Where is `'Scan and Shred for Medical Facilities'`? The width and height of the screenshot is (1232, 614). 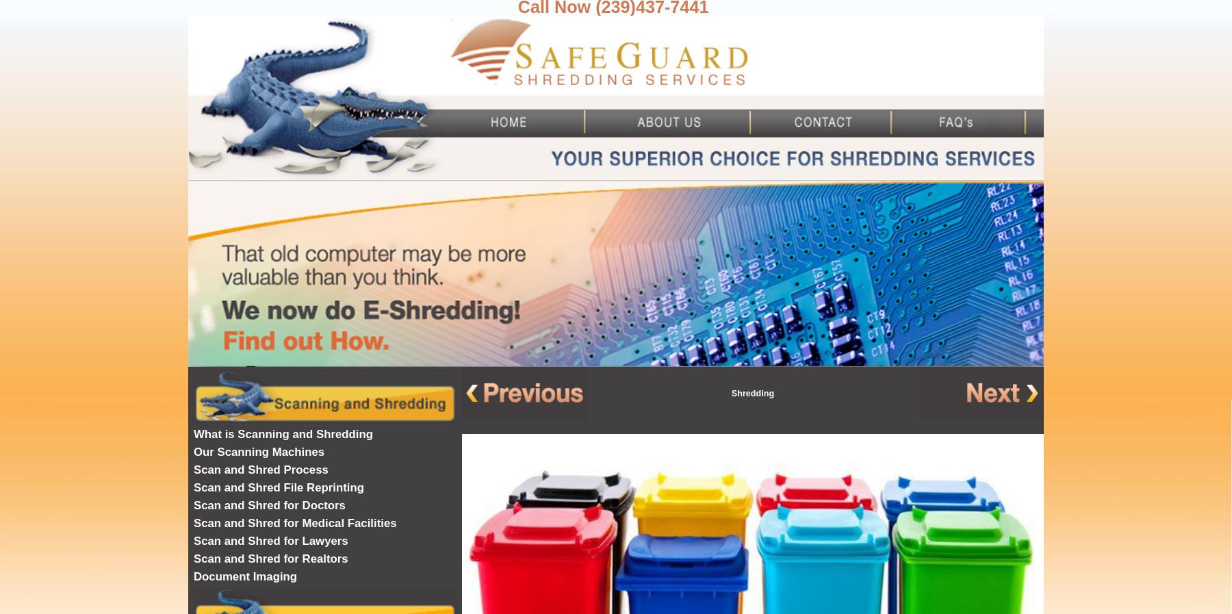 'Scan and Shred for Medical Facilities' is located at coordinates (192, 523).